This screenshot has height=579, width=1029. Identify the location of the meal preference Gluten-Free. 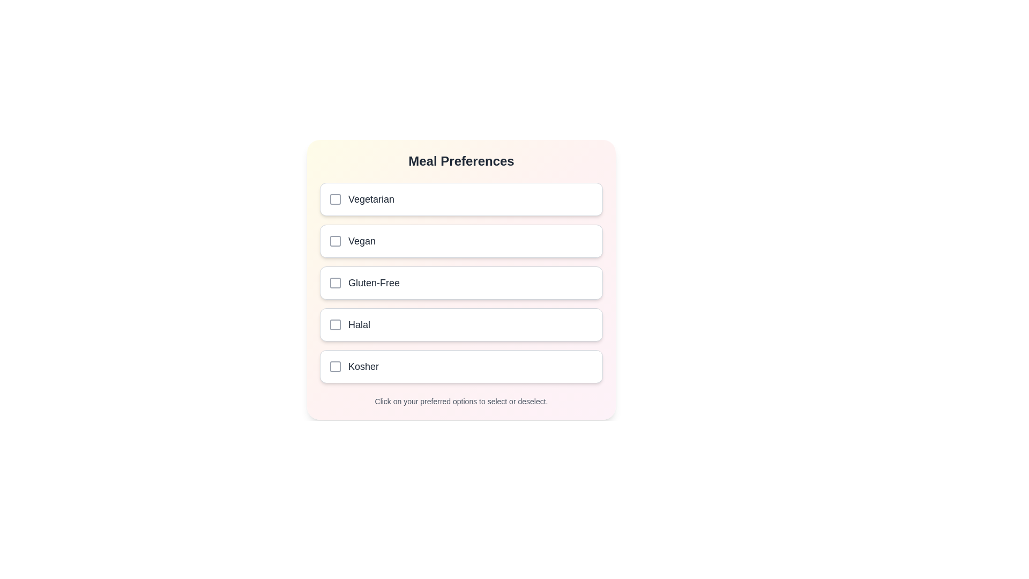
(461, 283).